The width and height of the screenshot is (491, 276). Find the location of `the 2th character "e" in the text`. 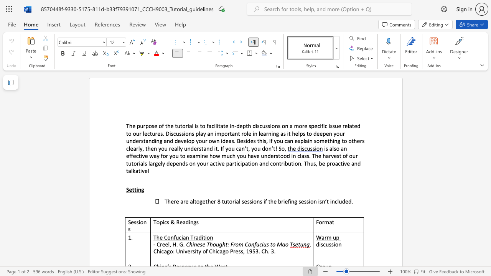

the 2th character "e" in the text is located at coordinates (166, 244).